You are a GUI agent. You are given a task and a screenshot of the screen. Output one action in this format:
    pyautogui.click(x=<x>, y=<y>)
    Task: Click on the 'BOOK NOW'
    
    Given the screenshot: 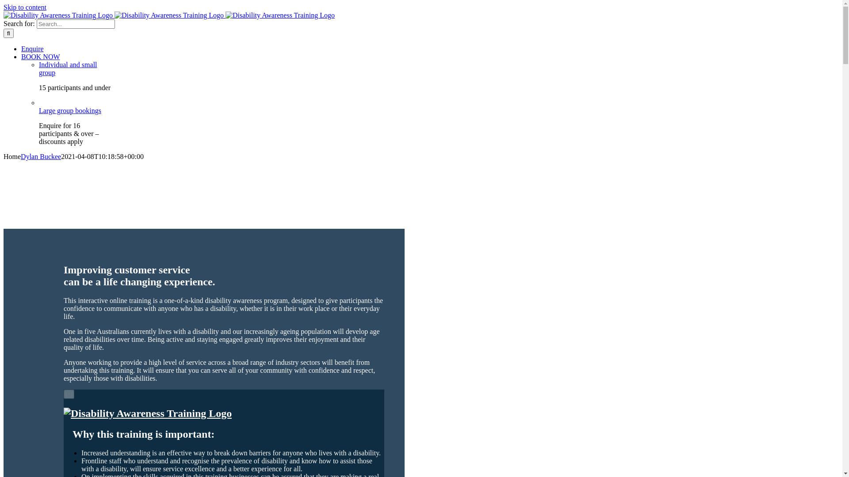 What is the action you would take?
    pyautogui.click(x=40, y=57)
    